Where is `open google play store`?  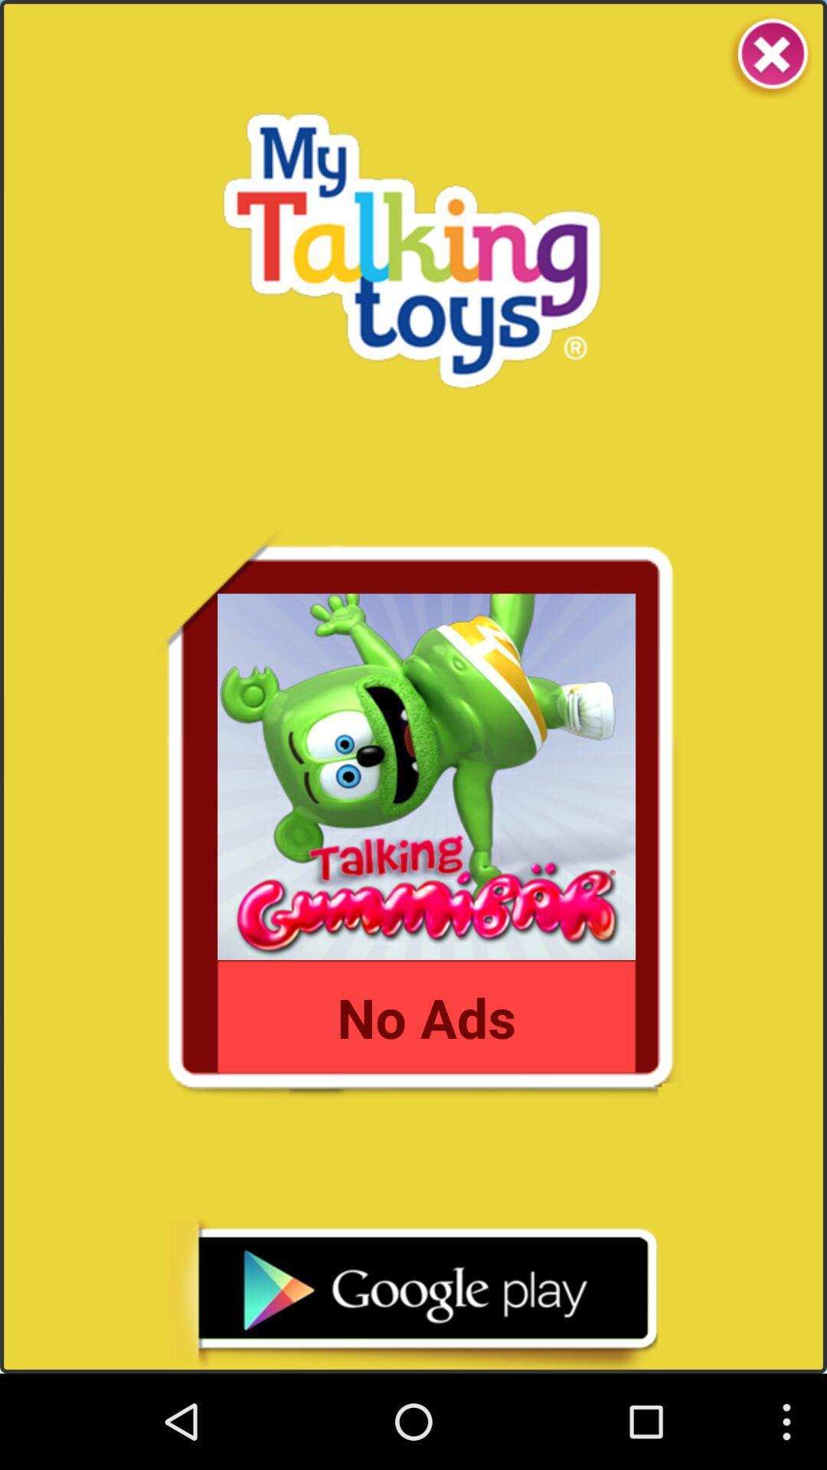
open google play store is located at coordinates (412, 1295).